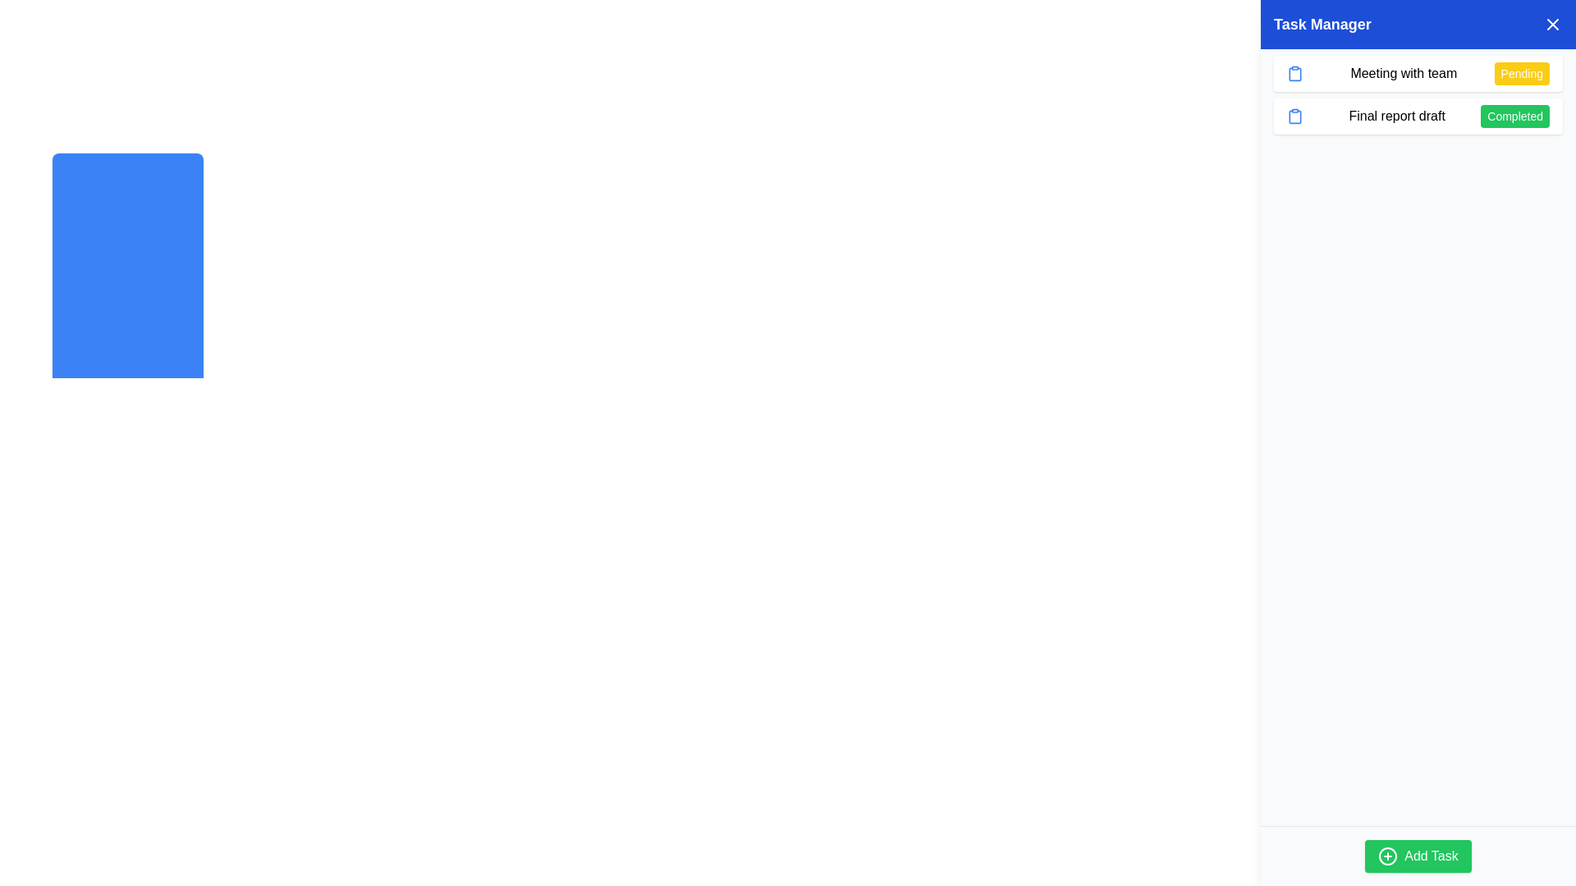  Describe the element at coordinates (1551, 25) in the screenshot. I see `the cross-shaped icon in the top-right corner of the 'Task Manager' header bar` at that location.